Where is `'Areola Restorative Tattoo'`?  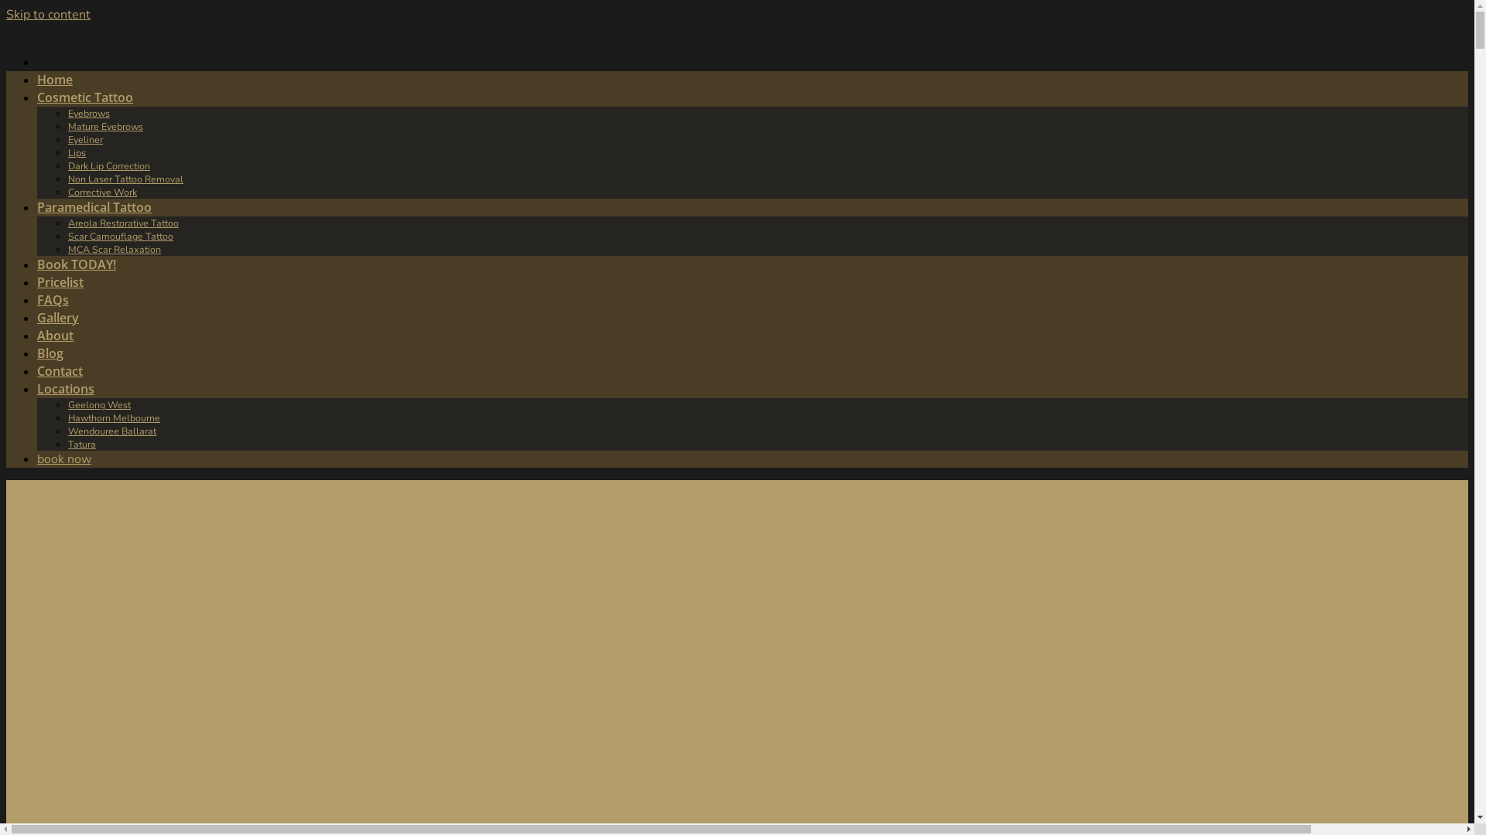 'Areola Restorative Tattoo' is located at coordinates (122, 223).